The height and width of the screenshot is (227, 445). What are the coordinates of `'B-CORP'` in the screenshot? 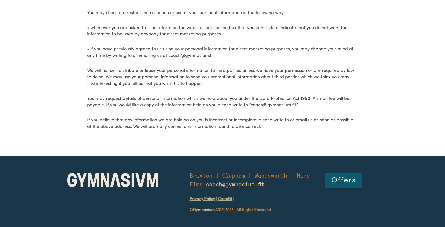 It's located at (243, 199).